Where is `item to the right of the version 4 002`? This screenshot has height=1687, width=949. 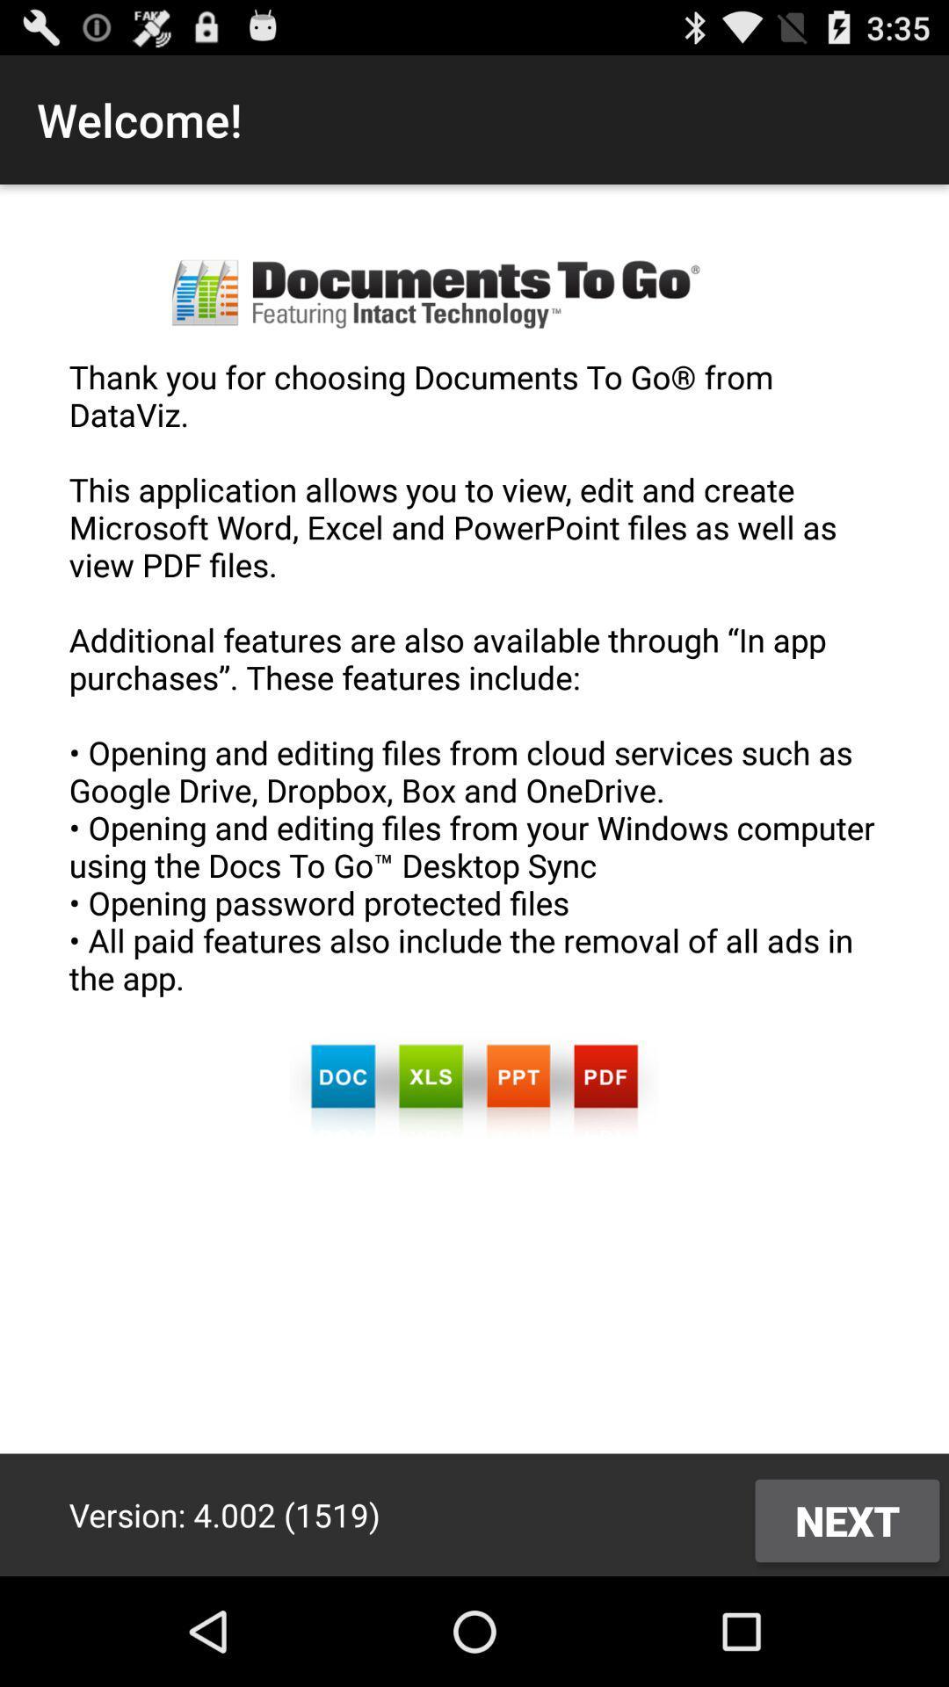 item to the right of the version 4 002 is located at coordinates (846, 1520).